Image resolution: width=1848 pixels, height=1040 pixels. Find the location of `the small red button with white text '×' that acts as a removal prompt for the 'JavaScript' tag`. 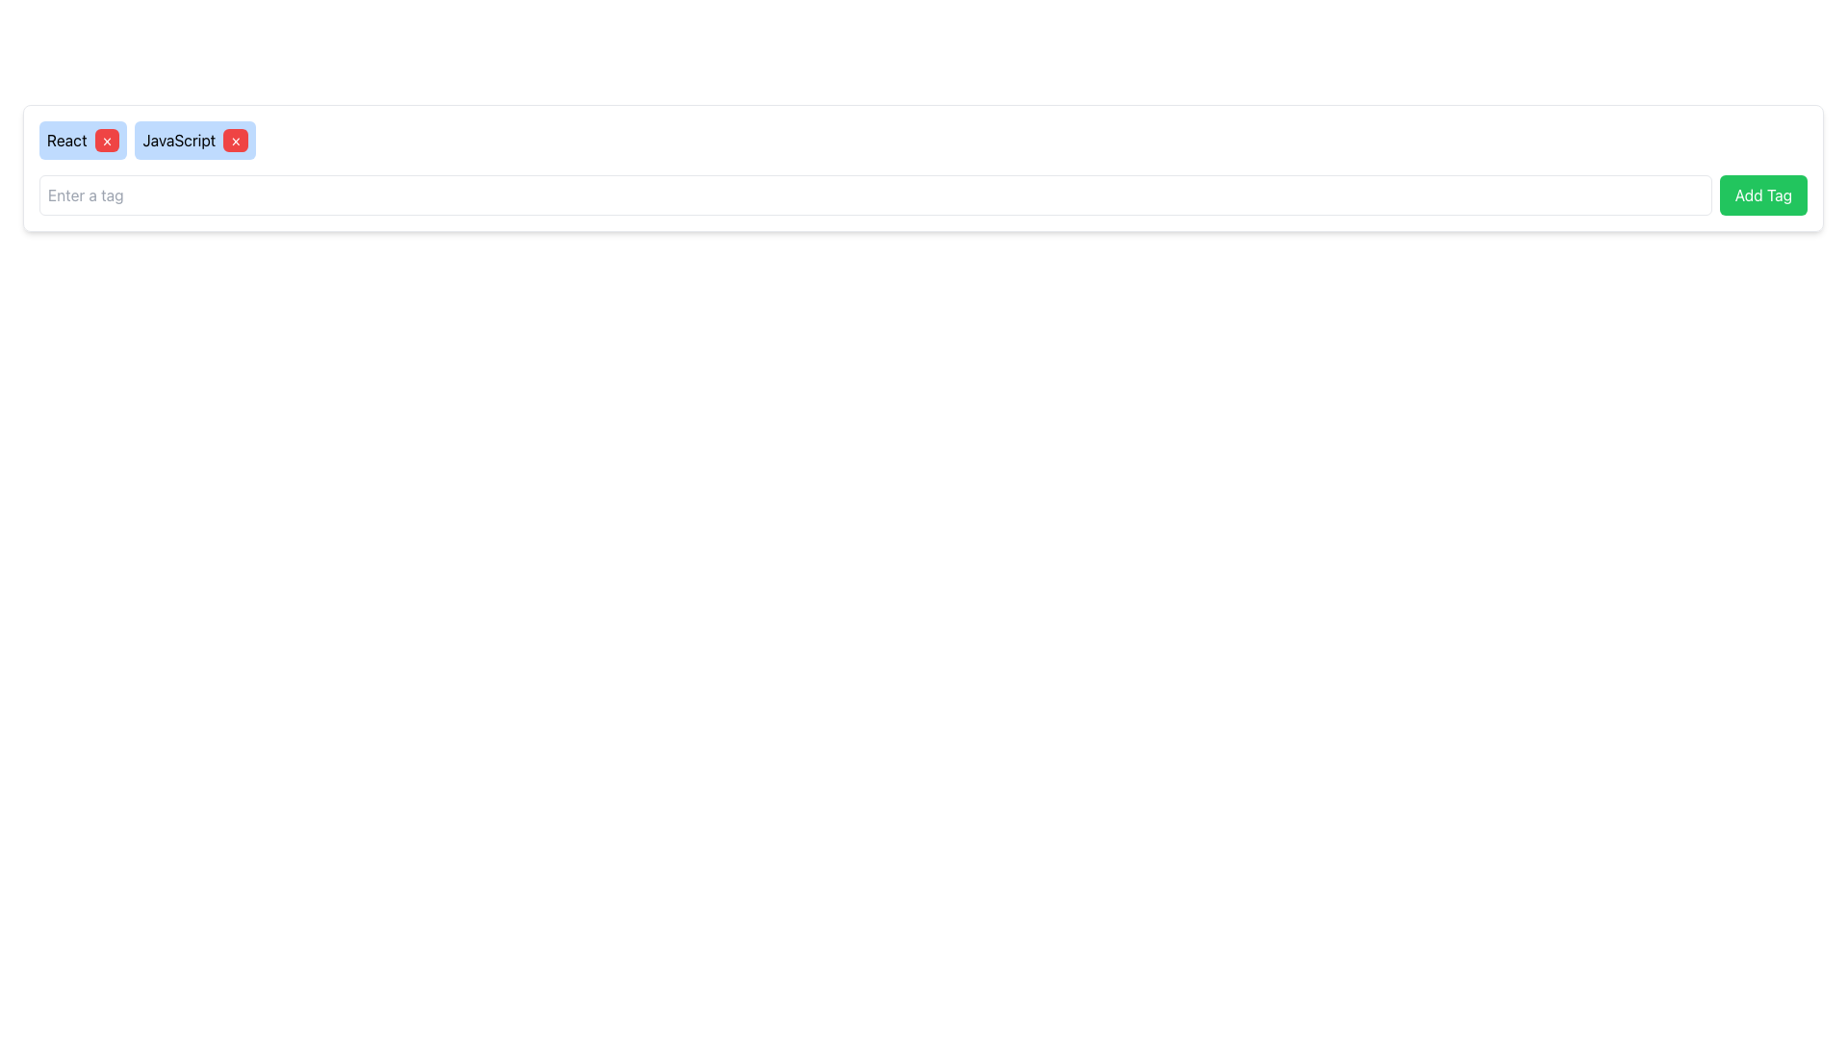

the small red button with white text '×' that acts as a removal prompt for the 'JavaScript' tag is located at coordinates (235, 140).